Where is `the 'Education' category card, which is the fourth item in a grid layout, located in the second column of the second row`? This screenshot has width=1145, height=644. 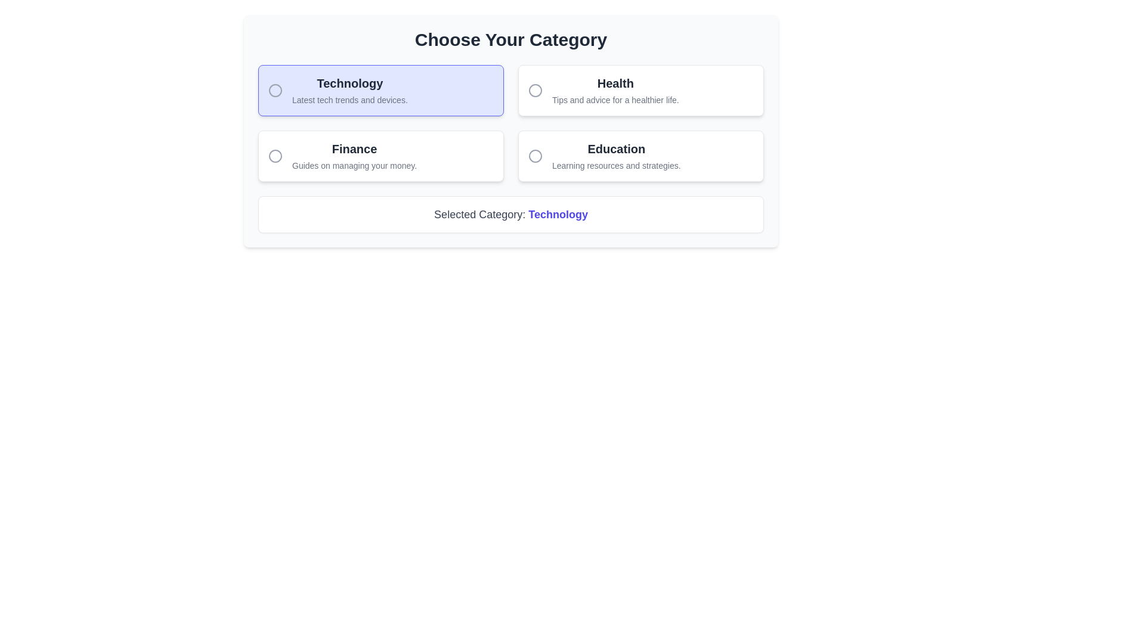
the 'Education' category card, which is the fourth item in a grid layout, located in the second column of the second row is located at coordinates (640, 156).